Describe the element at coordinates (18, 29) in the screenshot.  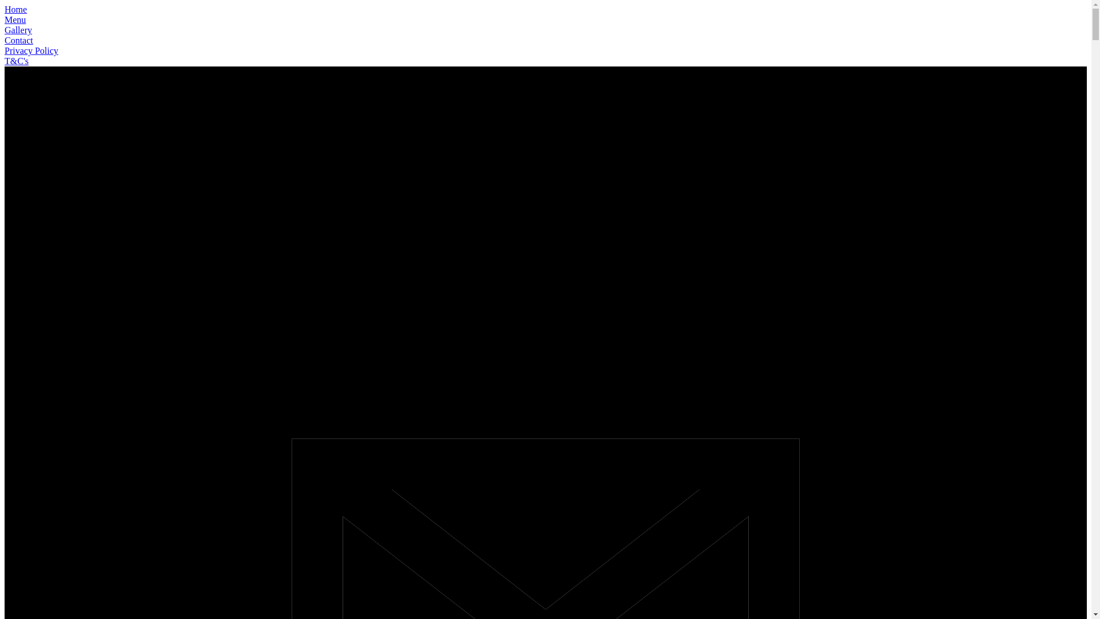
I see `'Gallery'` at that location.